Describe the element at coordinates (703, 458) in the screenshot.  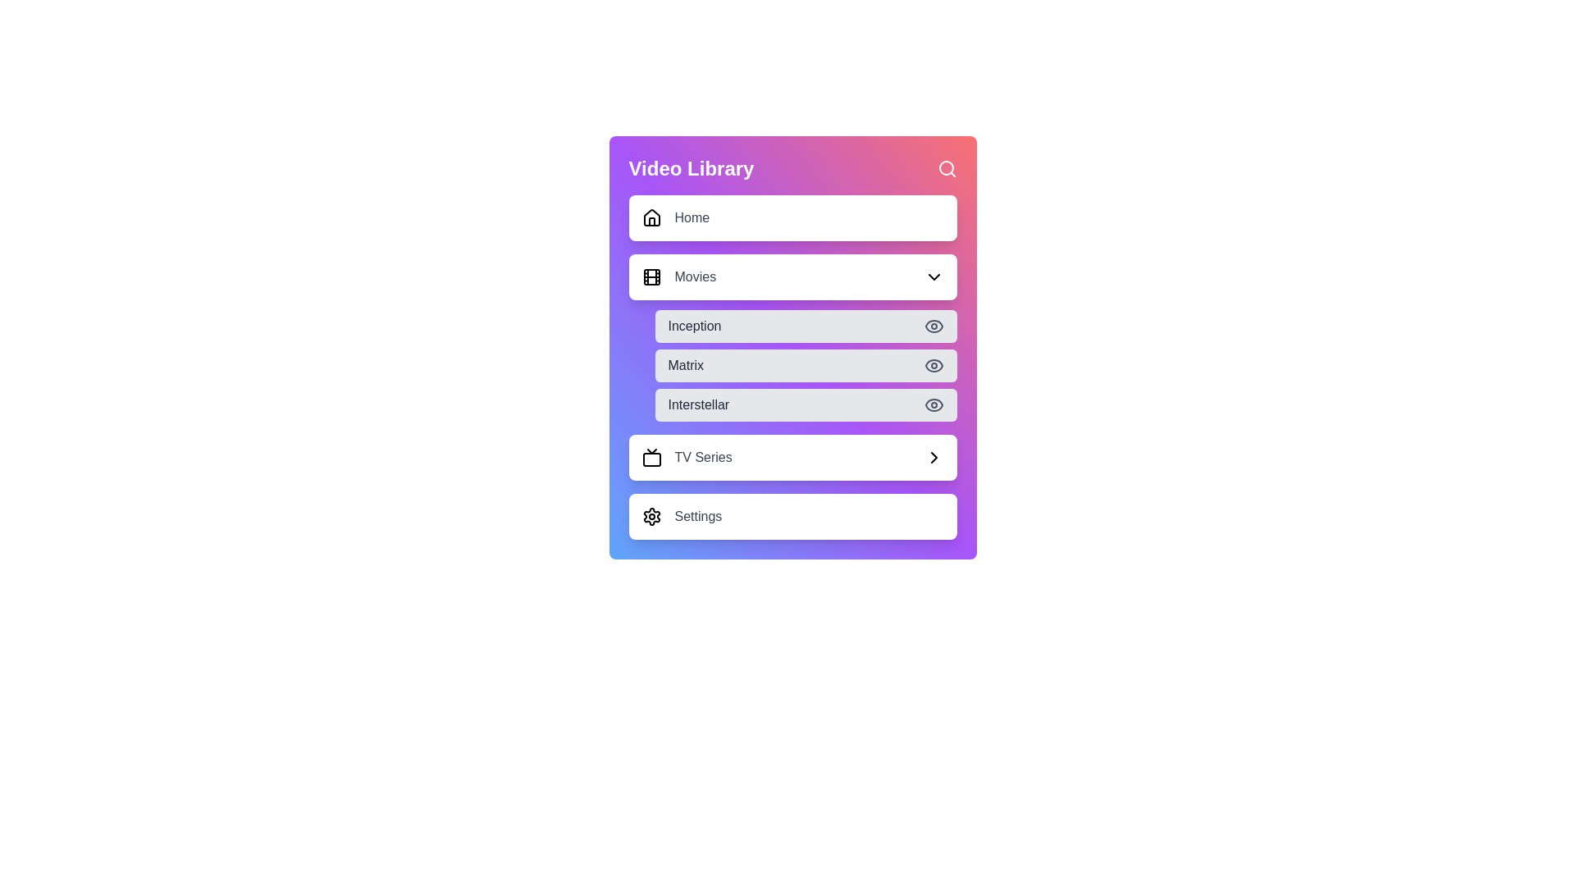
I see `the text label indicating the TV Series menu option, which is the fifth option below the 'Video Library' header` at that location.